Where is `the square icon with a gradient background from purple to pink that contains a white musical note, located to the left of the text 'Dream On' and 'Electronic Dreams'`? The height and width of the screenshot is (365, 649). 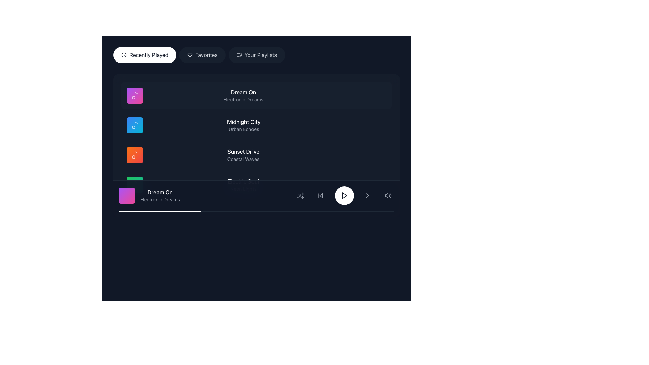
the square icon with a gradient background from purple to pink that contains a white musical note, located to the left of the text 'Dream On' and 'Electronic Dreams' is located at coordinates (135, 95).